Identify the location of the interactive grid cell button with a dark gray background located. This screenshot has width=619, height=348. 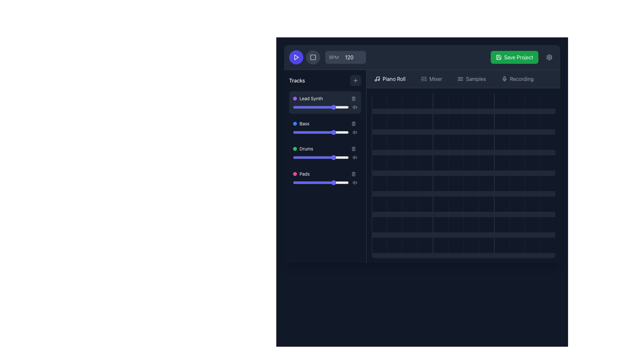
(501, 142).